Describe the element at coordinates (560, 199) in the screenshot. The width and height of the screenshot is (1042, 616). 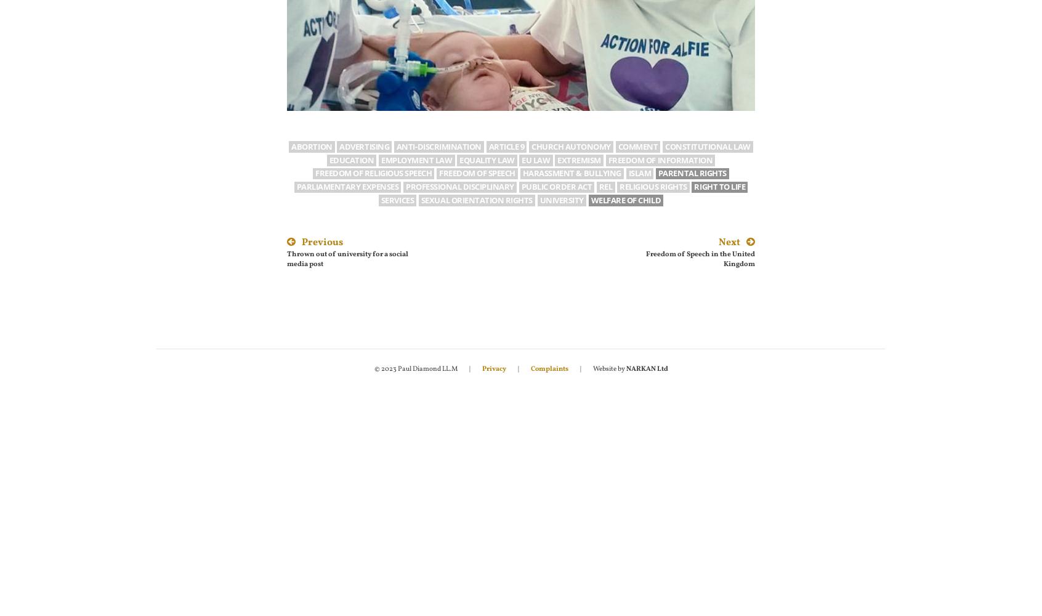
I see `'University'` at that location.